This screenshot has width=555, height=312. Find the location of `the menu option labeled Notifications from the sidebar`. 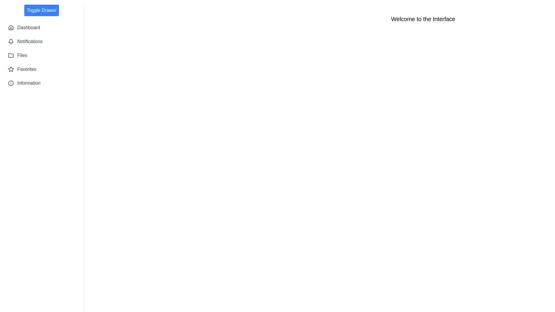

the menu option labeled Notifications from the sidebar is located at coordinates (41, 41).